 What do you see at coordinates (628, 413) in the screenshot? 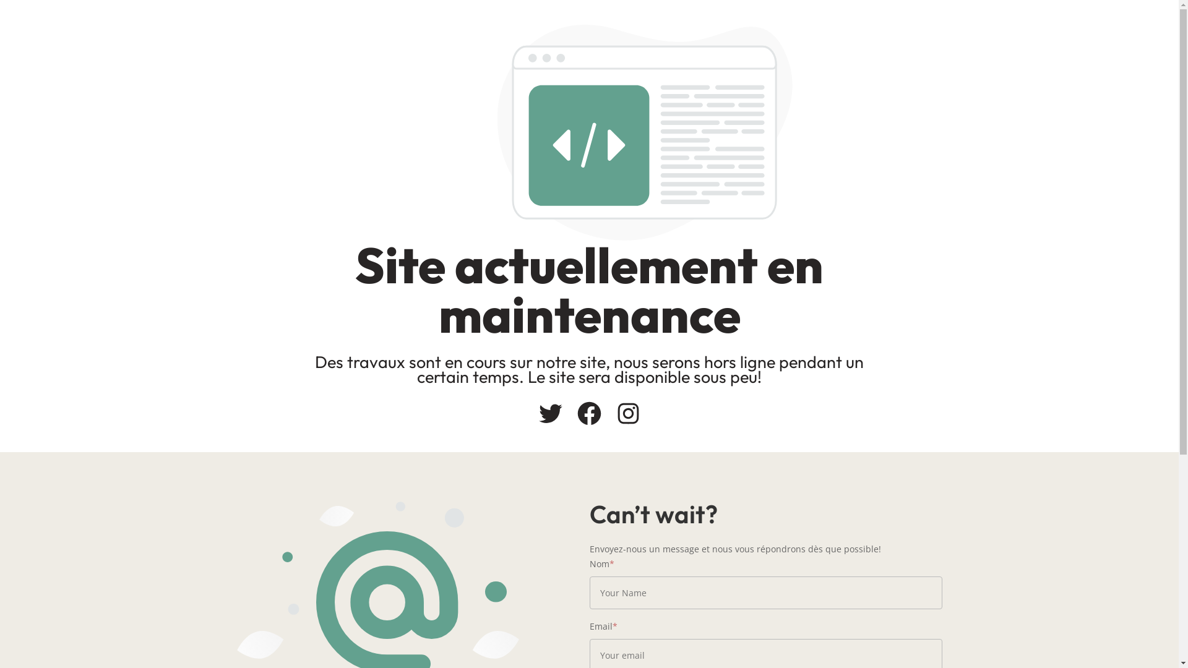
I see `'Instagram'` at bounding box center [628, 413].